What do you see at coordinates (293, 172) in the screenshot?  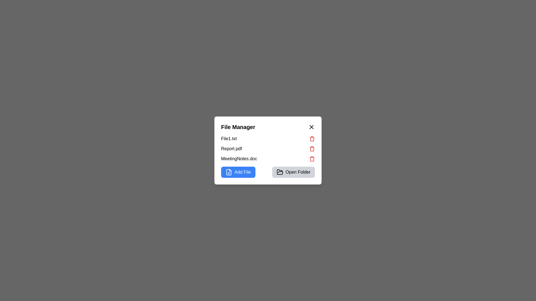 I see `the button to the right of the 'Add File' button in the 'File Manager' dialog box` at bounding box center [293, 172].